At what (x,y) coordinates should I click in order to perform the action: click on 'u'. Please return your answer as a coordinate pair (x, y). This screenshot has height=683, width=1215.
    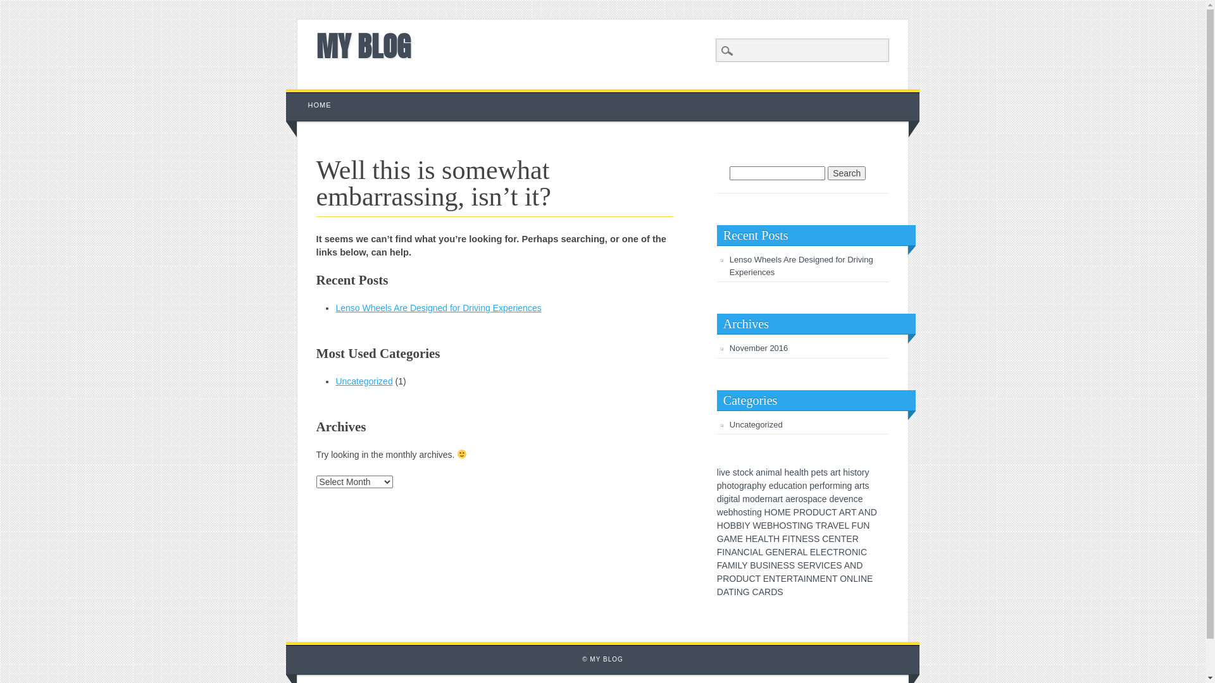
    Looking at the image, I should click on (780, 484).